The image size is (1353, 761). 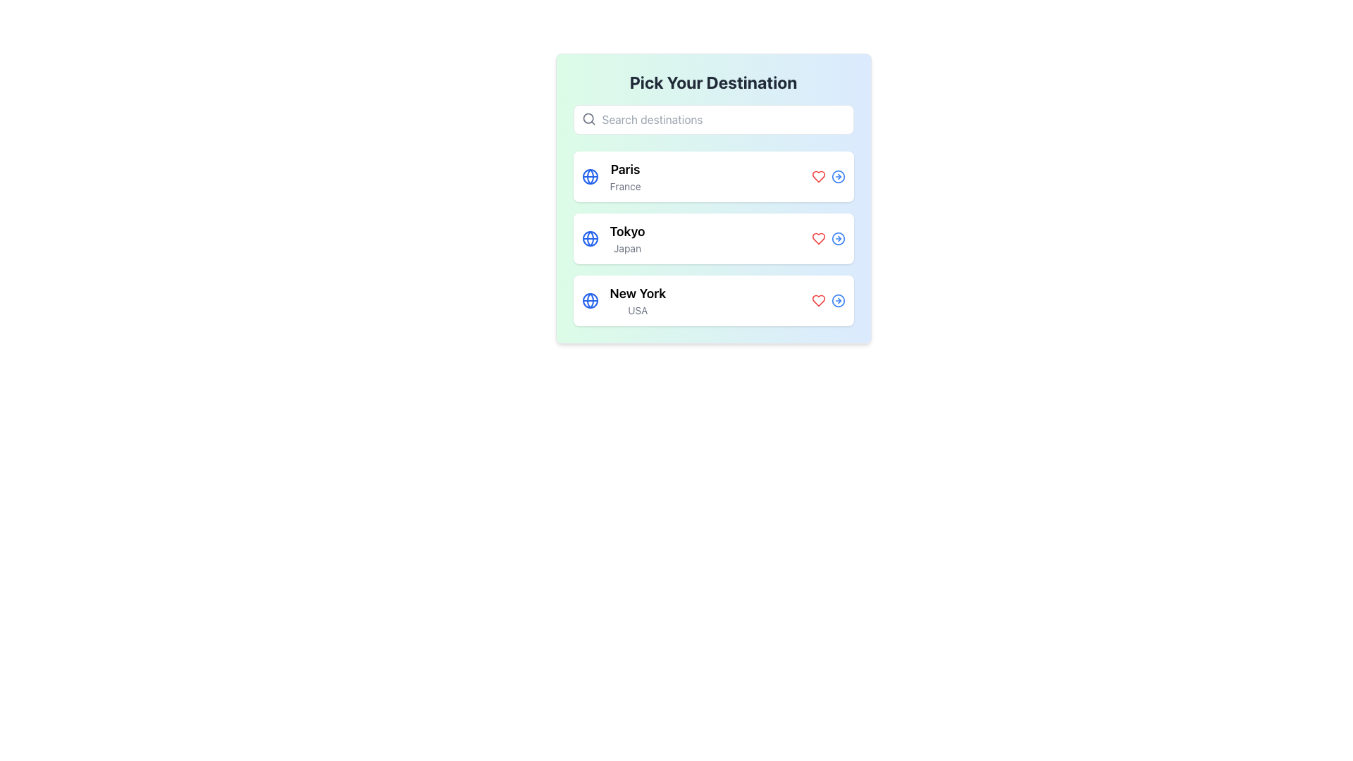 What do you see at coordinates (713, 238) in the screenshot?
I see `the icons within the destination card labeled 'Tokyo', which is the second card in the vertical list of destination cards under 'Pick Your Destination'` at bounding box center [713, 238].